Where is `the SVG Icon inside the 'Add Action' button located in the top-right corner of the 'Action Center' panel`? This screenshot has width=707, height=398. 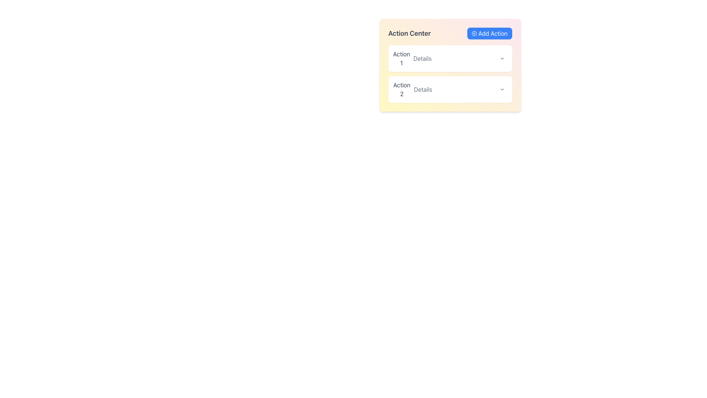 the SVG Icon inside the 'Add Action' button located in the top-right corner of the 'Action Center' panel is located at coordinates (474, 34).